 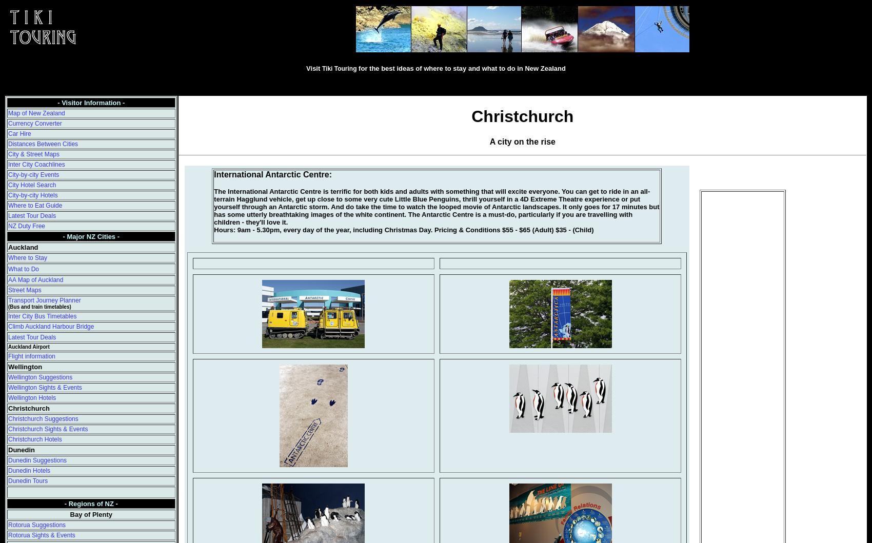 I want to click on 'Christchurch 
          Suggestions', so click(x=43, y=418).